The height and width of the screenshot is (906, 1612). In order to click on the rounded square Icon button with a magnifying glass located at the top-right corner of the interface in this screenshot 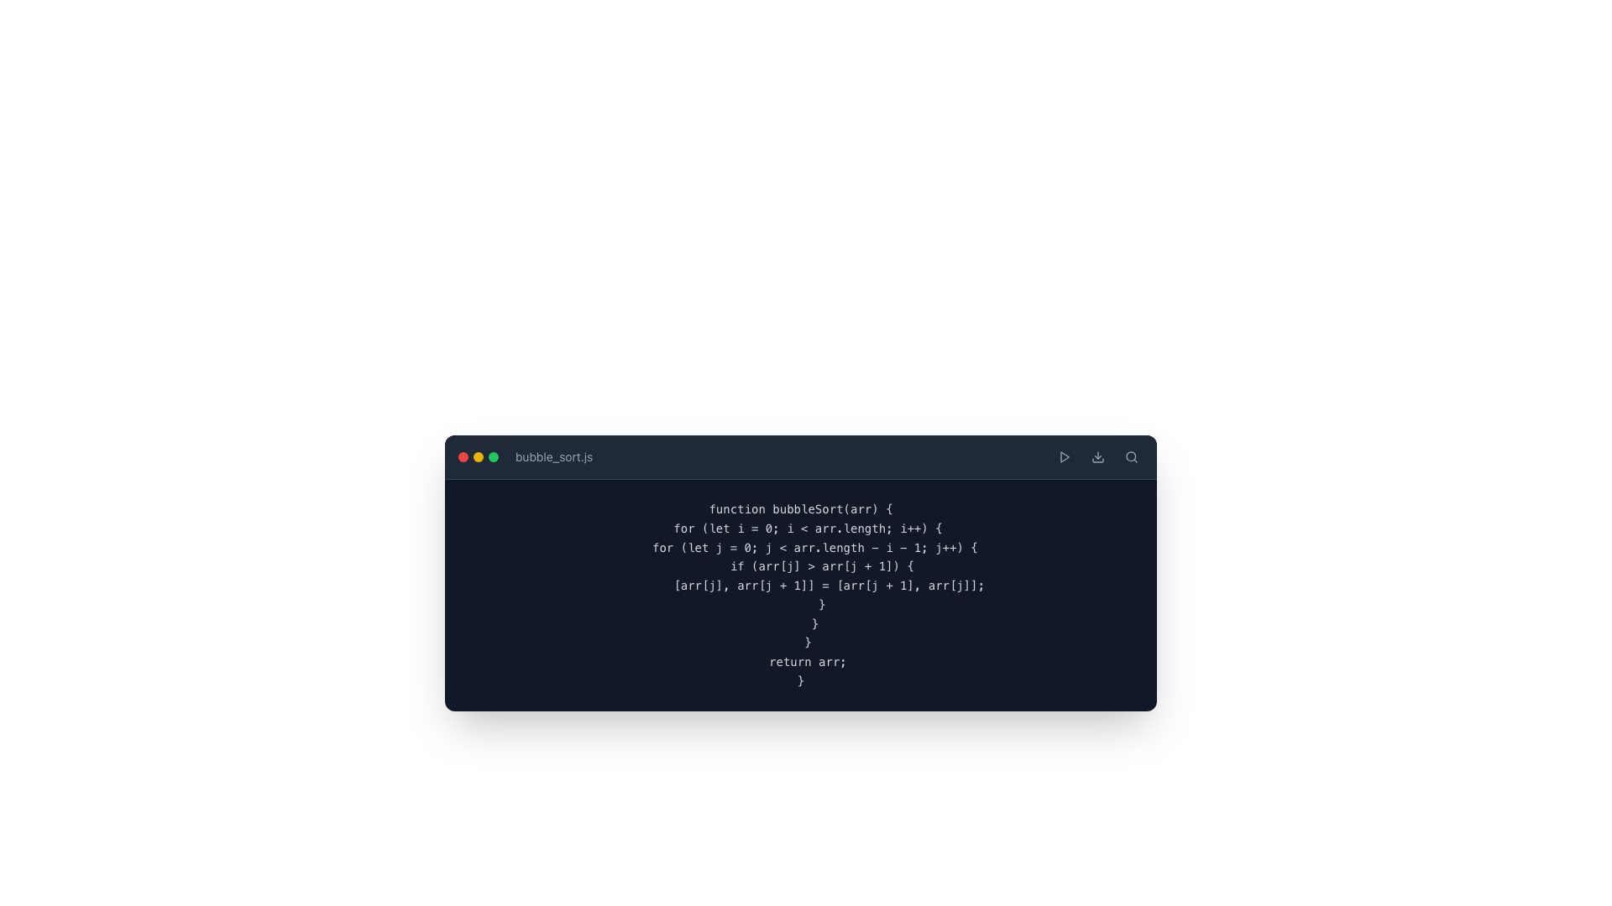, I will do `click(1132, 456)`.